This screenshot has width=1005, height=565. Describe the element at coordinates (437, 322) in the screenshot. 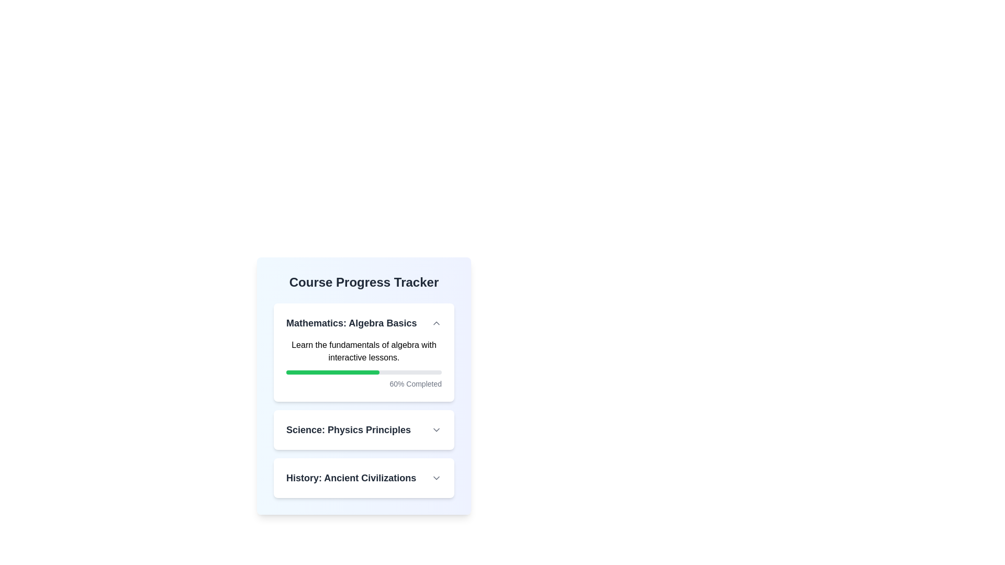

I see `the upward-pointing chevron icon located at the far right of the header labeled 'Mathematics: Algebra Basics'` at that location.